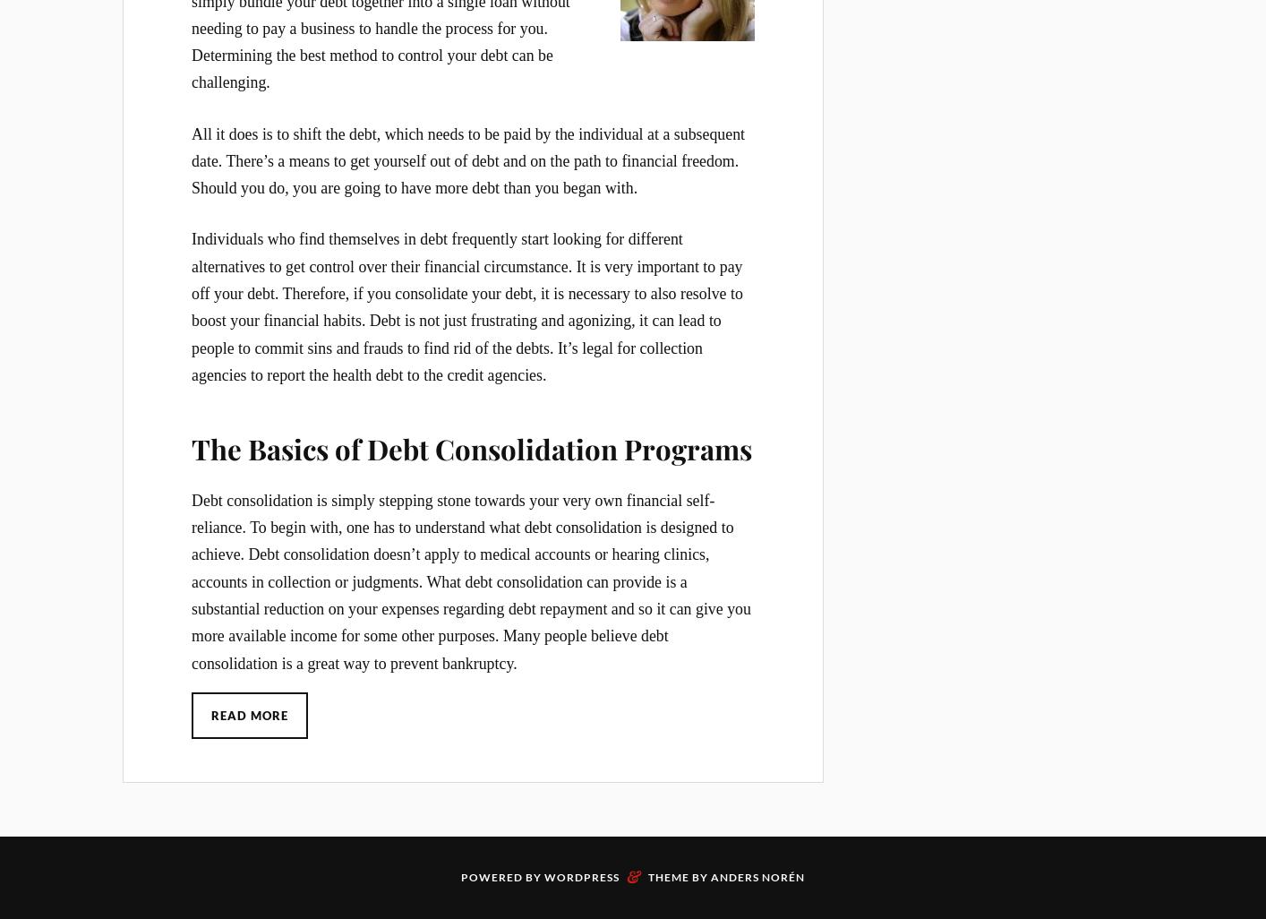 Image resolution: width=1266 pixels, height=919 pixels. What do you see at coordinates (470, 581) in the screenshot?
I see `'Debt consolidation is simply stepping stone towards your very own financial self-reliance. To begin with, one has to understand what debt consolidation is designed to achieve. Debt consolidation doesn’t apply to medical accounts or hearing clinics, accounts in collection or judgments. What debt consolidation can provide is a substantial reduction on your expenses regarding debt repayment and so it can give you more available income for some other purposes. Many people believe debt consolidation is a great way to prevent bankruptcy.'` at bounding box center [470, 581].